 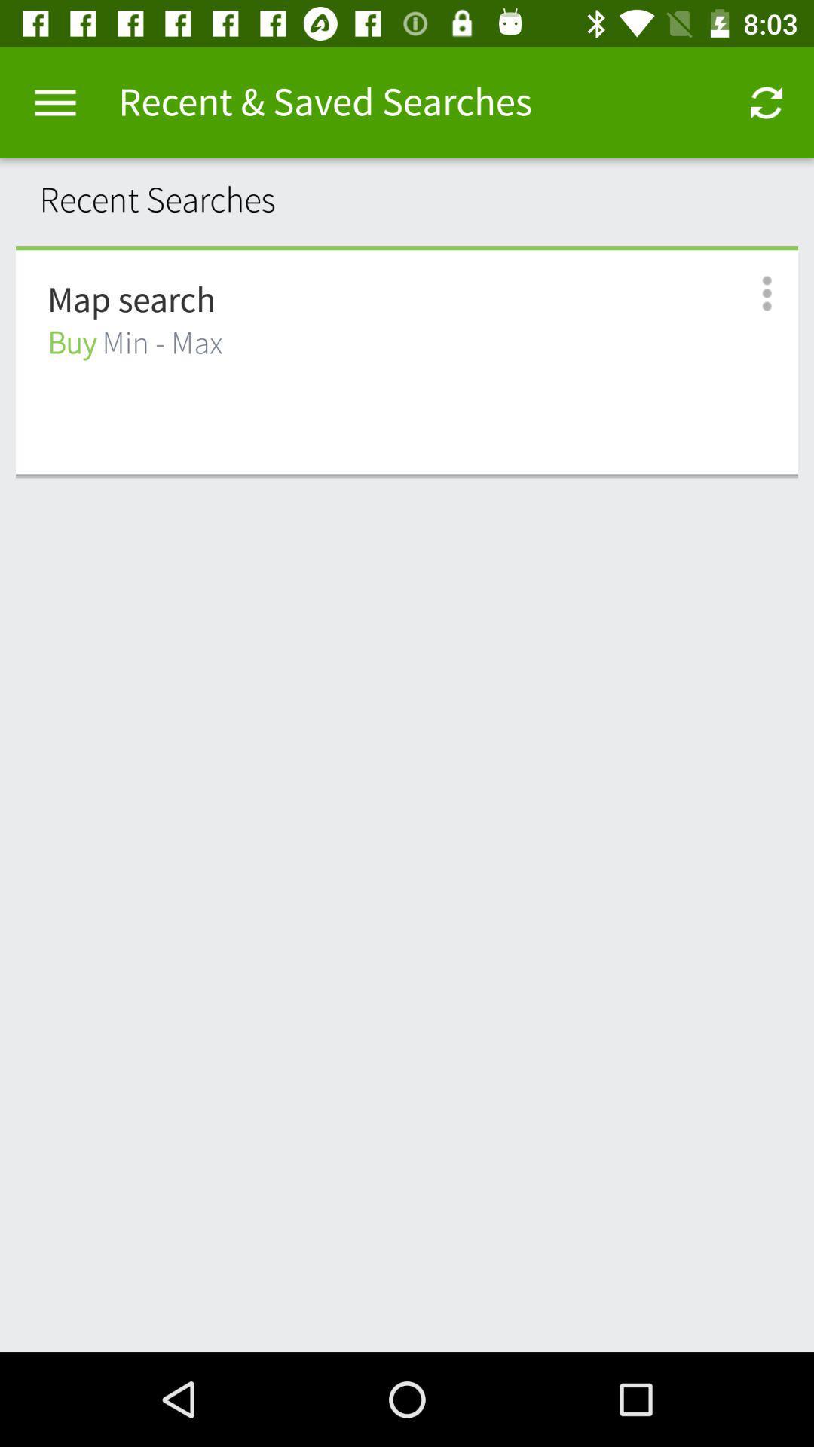 I want to click on item above map search item, so click(x=407, y=248).